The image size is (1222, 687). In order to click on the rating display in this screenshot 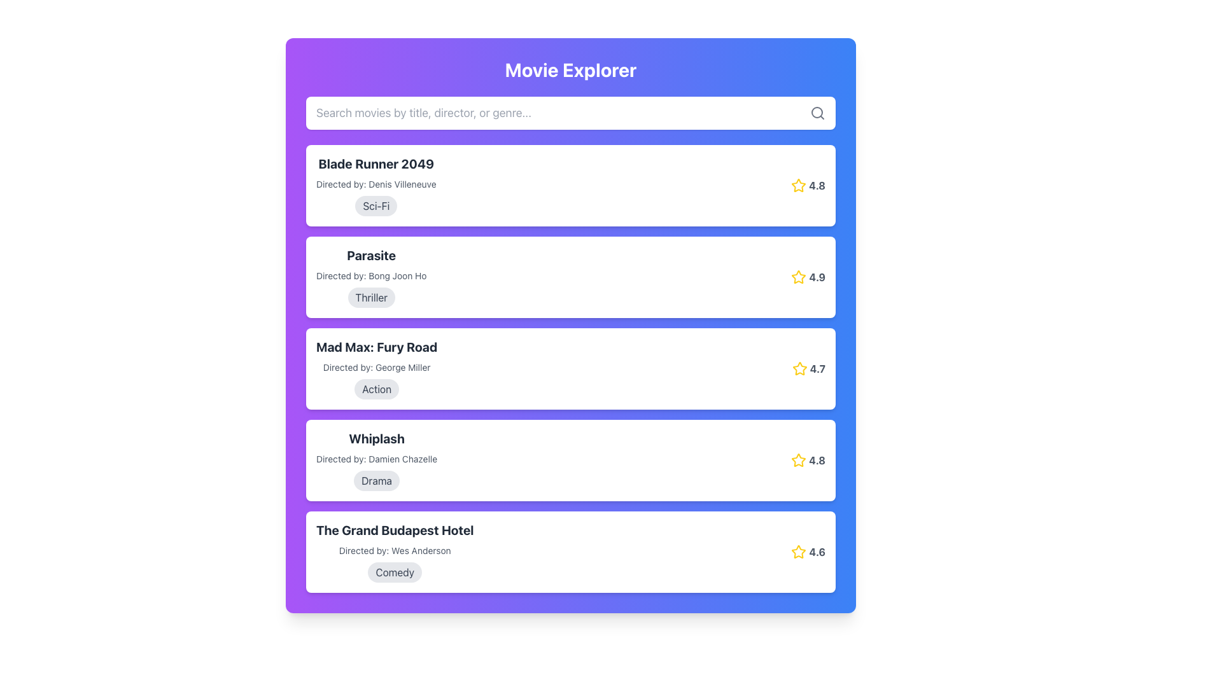, I will do `click(808, 461)`.